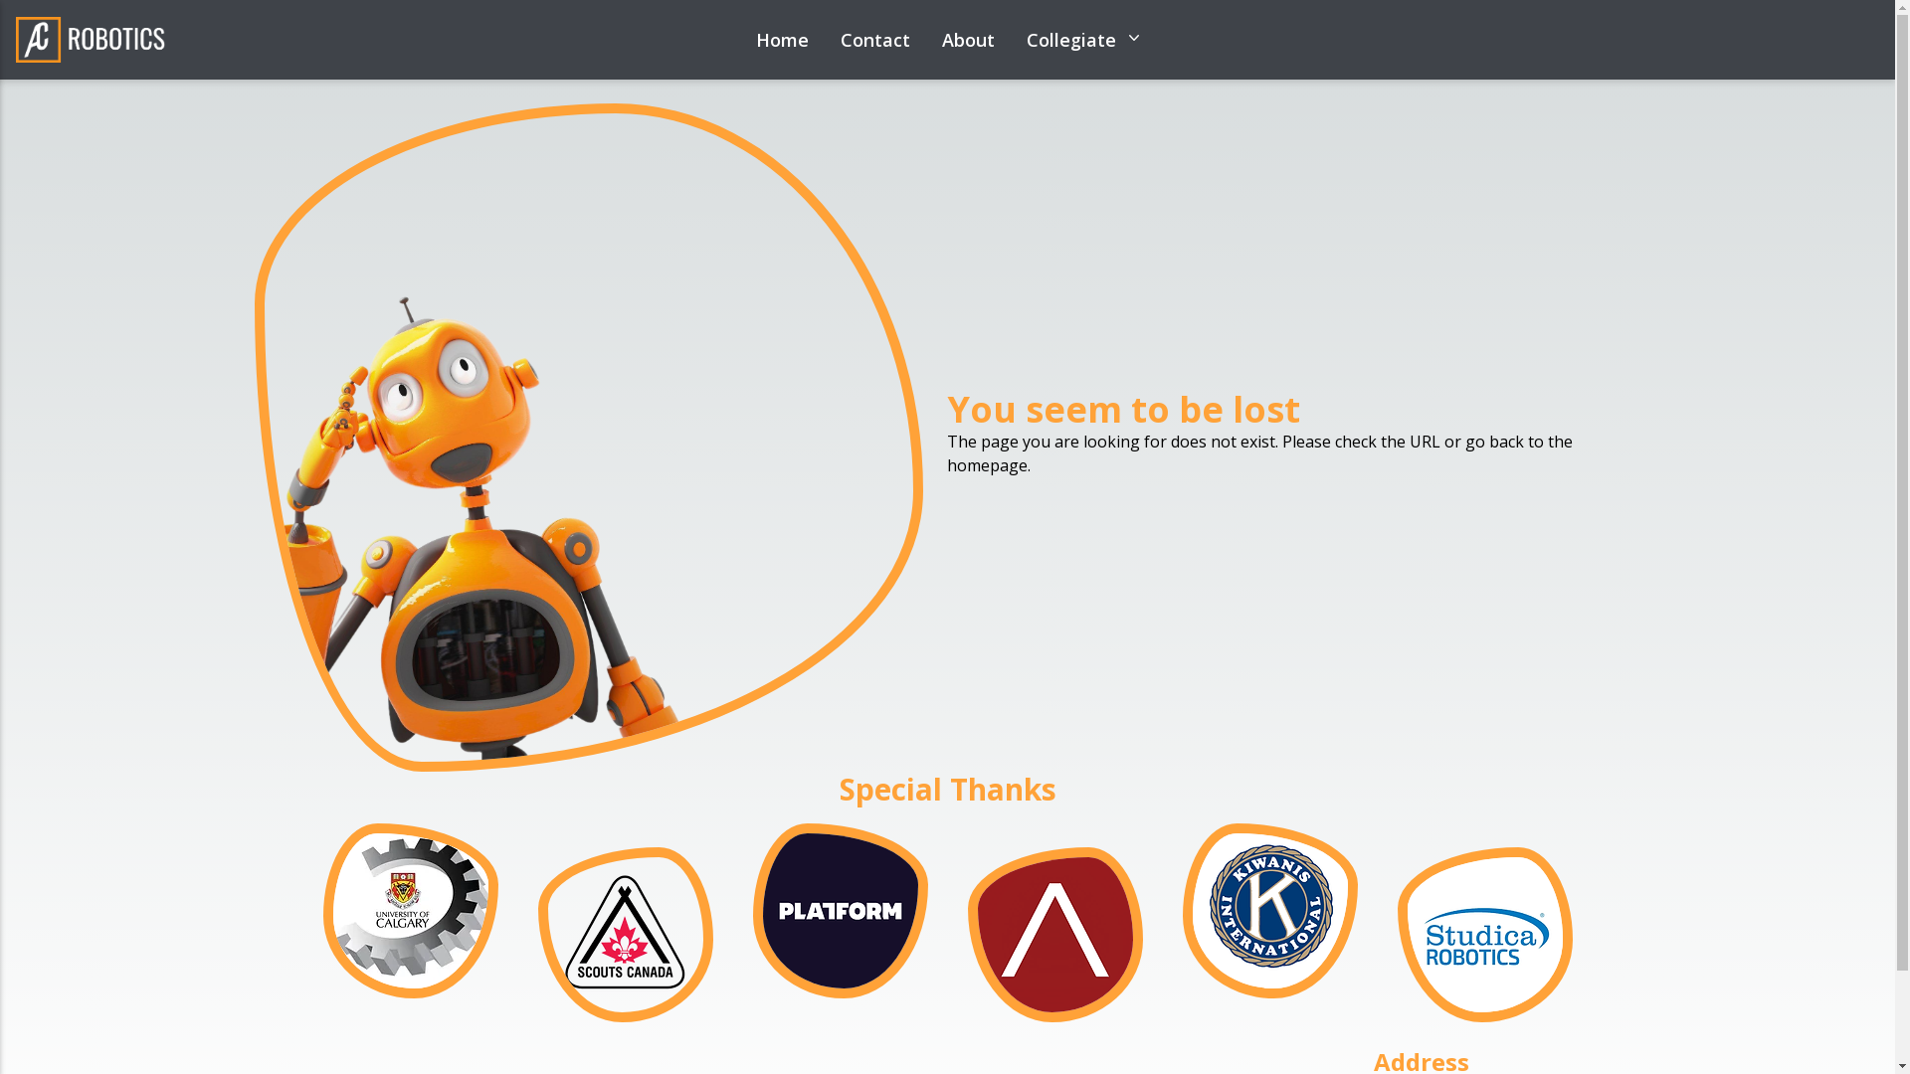 Image resolution: width=1910 pixels, height=1074 pixels. What do you see at coordinates (939, 39) in the screenshot?
I see `'About'` at bounding box center [939, 39].